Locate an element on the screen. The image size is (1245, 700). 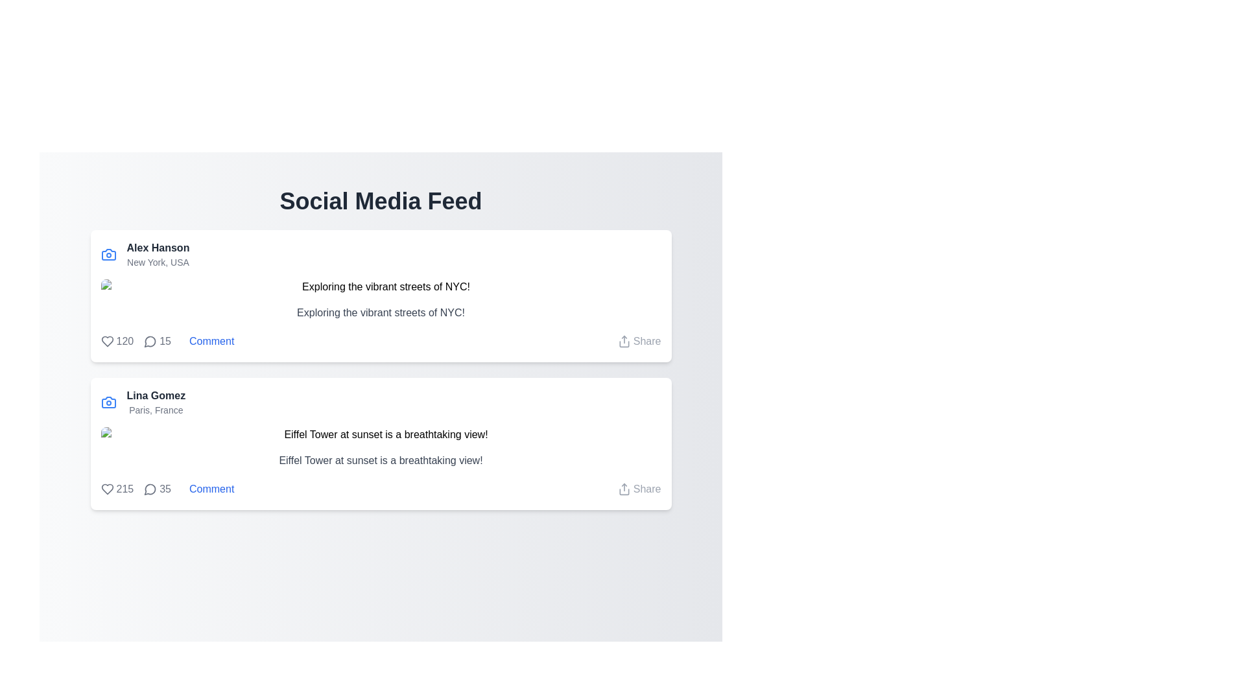
the 'Comment' button with blue text, which is the last element in the horizontal arrangement of icons in the post by 'Lina Gomez' is located at coordinates (211, 489).